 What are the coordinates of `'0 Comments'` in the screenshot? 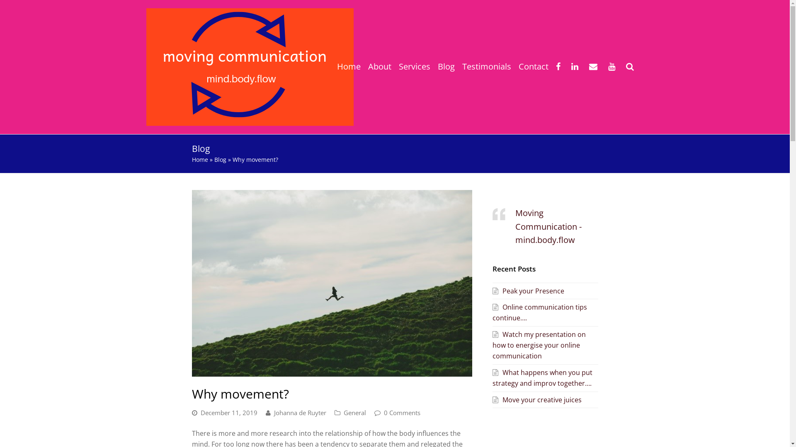 It's located at (402, 412).